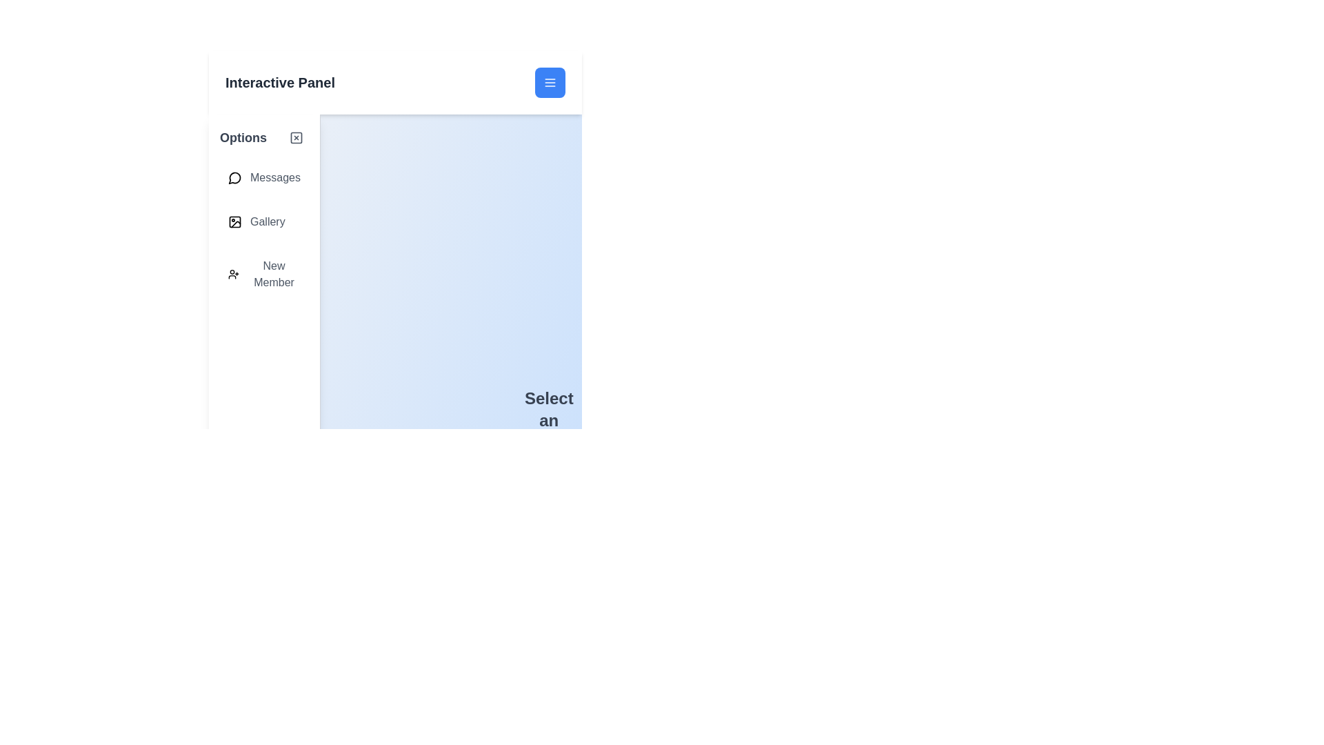 The image size is (1324, 745). I want to click on the first button in the vertical list under the 'Options' section on the left sidebar, so click(264, 177).